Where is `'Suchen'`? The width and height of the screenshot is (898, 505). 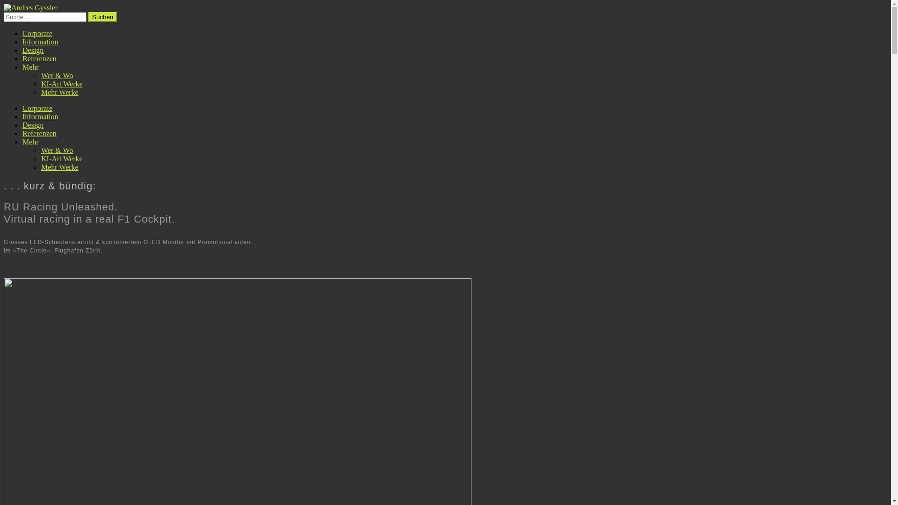
'Suchen' is located at coordinates (102, 17).